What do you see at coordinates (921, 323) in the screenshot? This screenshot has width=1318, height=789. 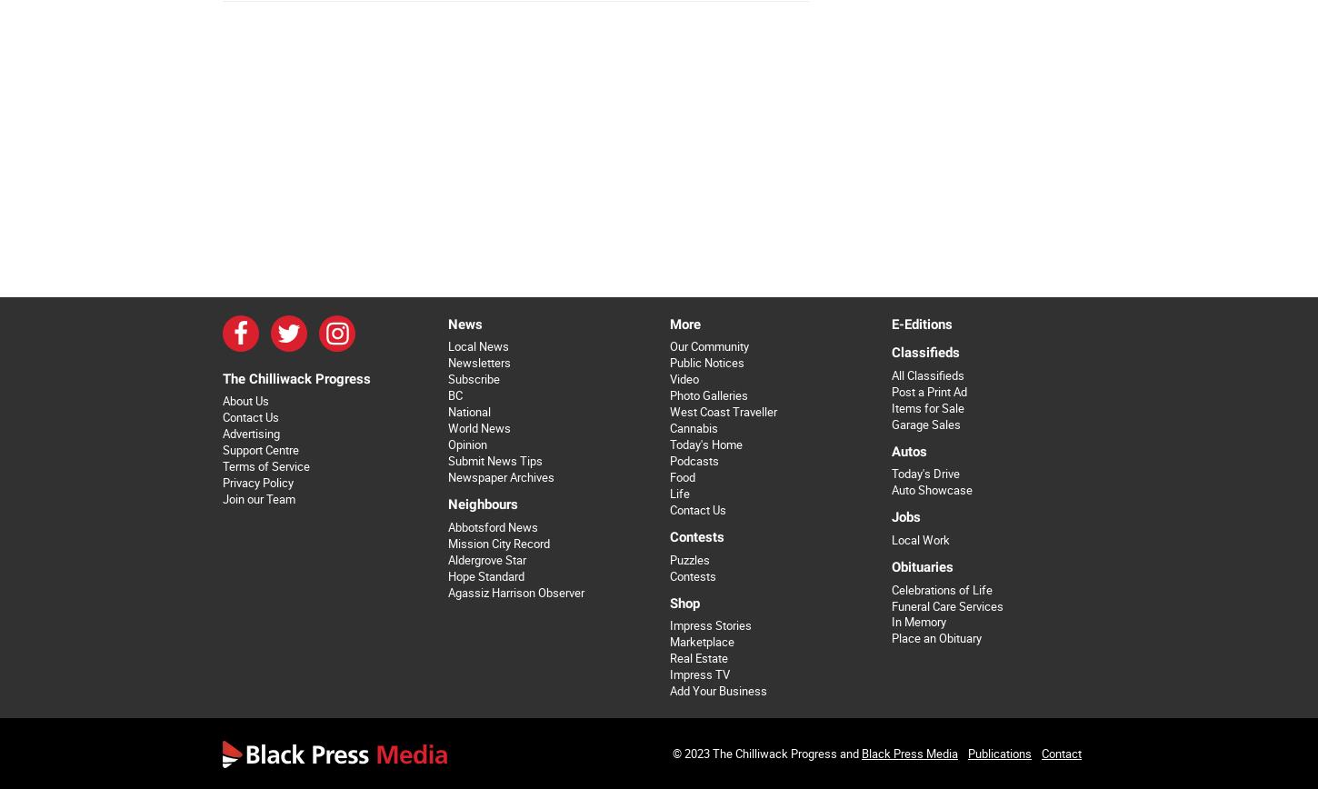 I see `'E-Editions'` at bounding box center [921, 323].